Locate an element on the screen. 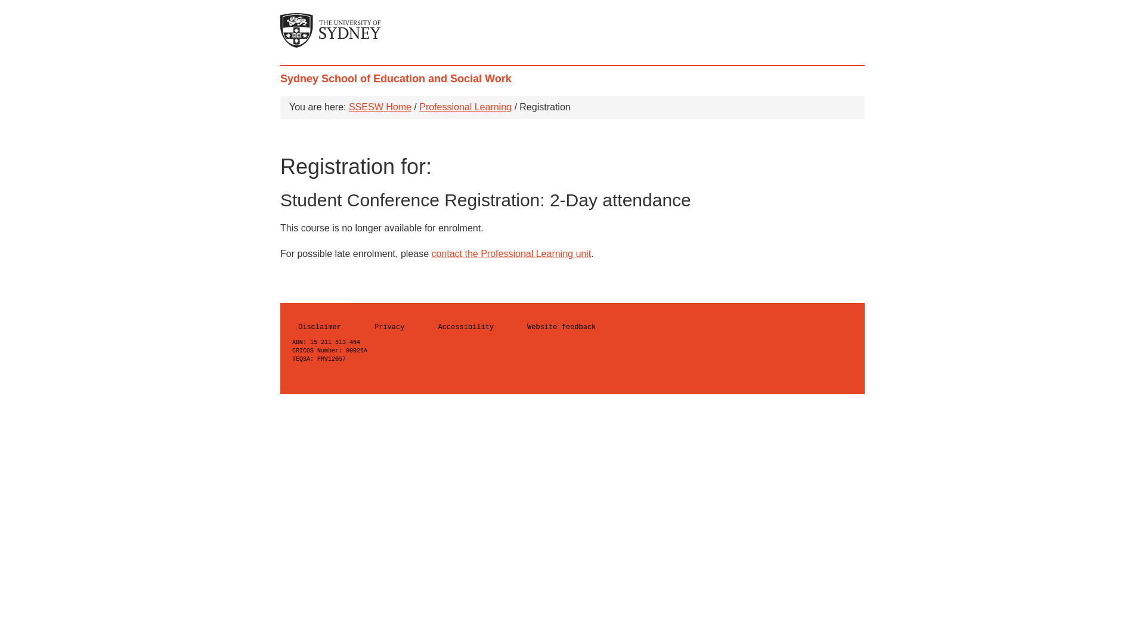 This screenshot has height=644, width=1145. 'Disclaimer' is located at coordinates (336, 327).